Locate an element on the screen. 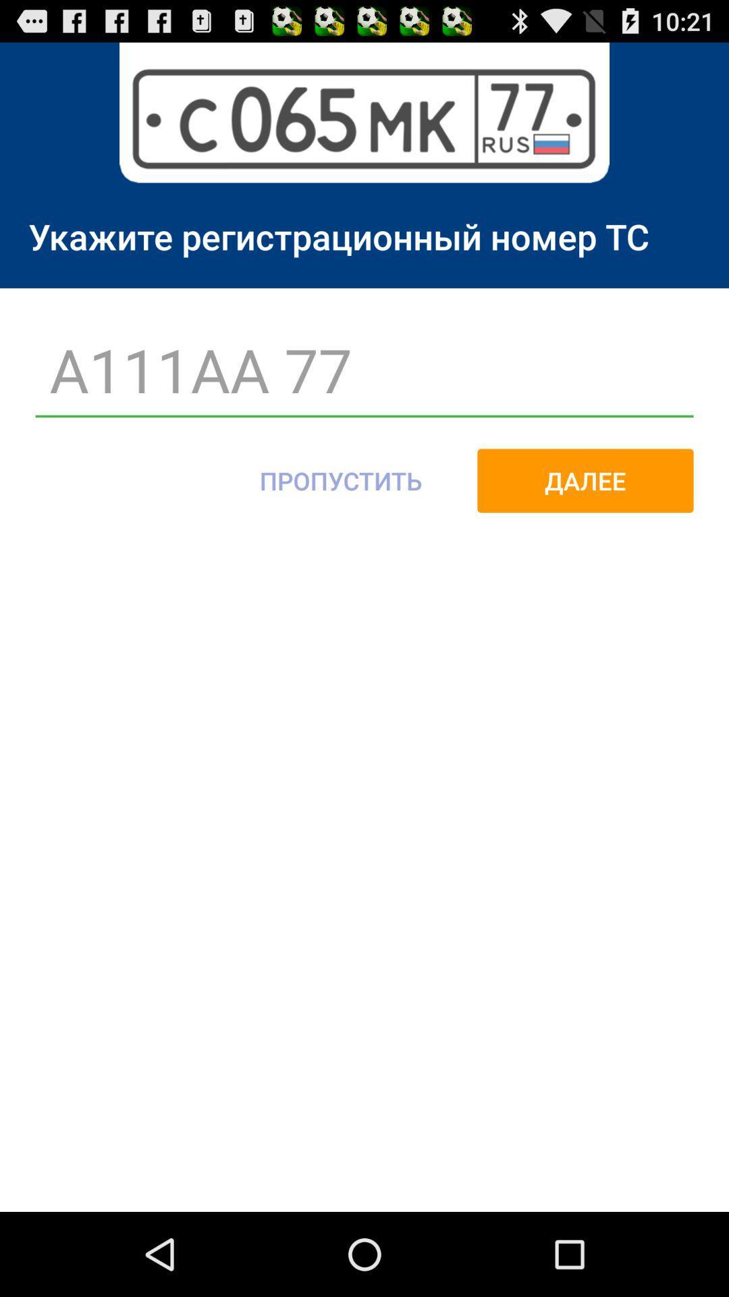 The width and height of the screenshot is (729, 1297). item on the right is located at coordinates (585, 480).